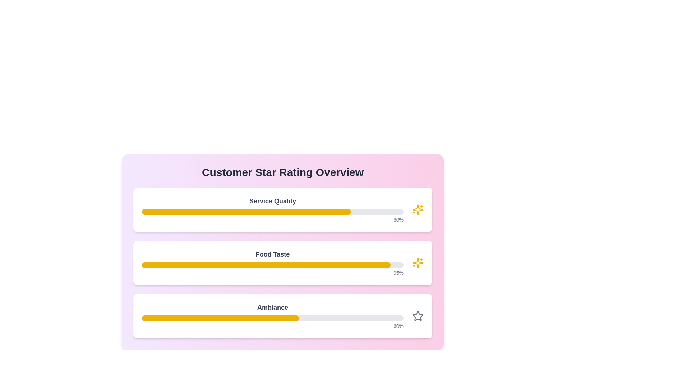 This screenshot has height=388, width=690. What do you see at coordinates (272, 263) in the screenshot?
I see `the Horizontal Progress Bar with Label and Percentage Indicator for 'Food Taste' rating of 95%, located under the 'Customer Star Rating Overview' heading` at bounding box center [272, 263].